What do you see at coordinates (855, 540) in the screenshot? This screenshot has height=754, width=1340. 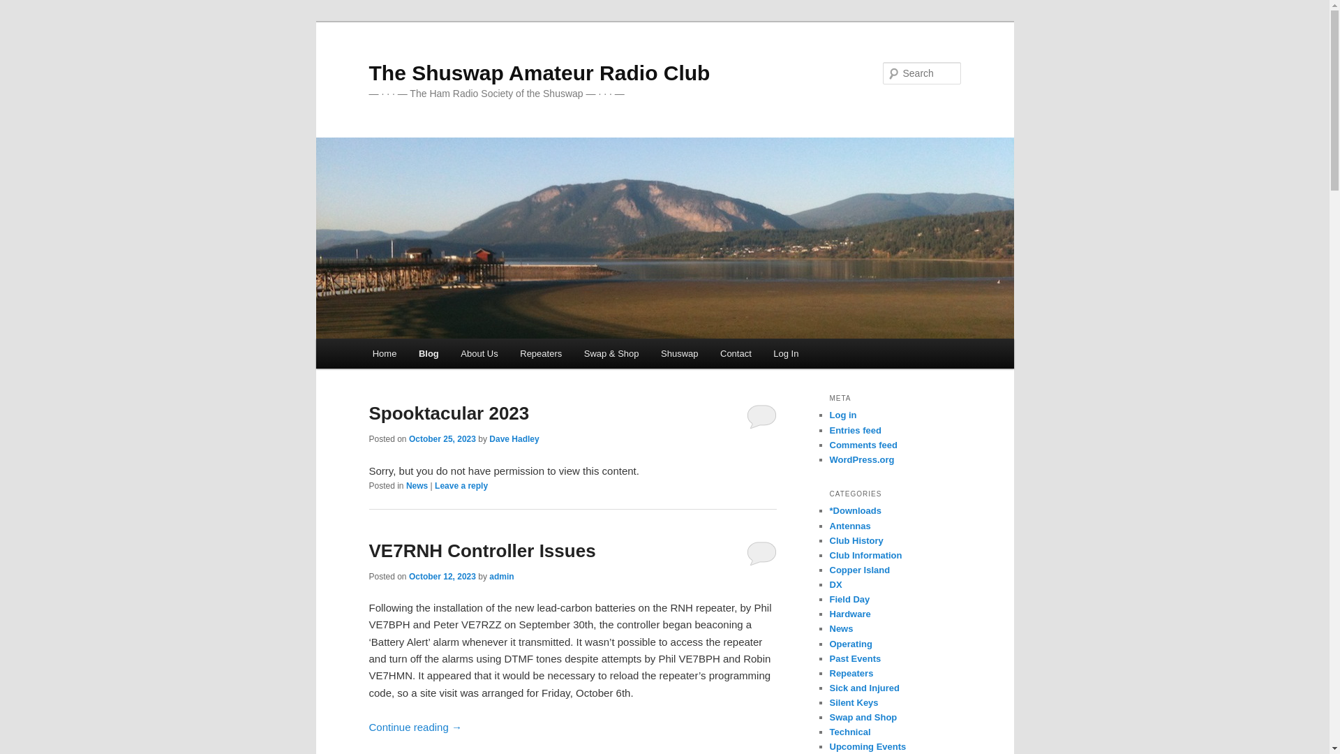 I see `'Club History'` at bounding box center [855, 540].